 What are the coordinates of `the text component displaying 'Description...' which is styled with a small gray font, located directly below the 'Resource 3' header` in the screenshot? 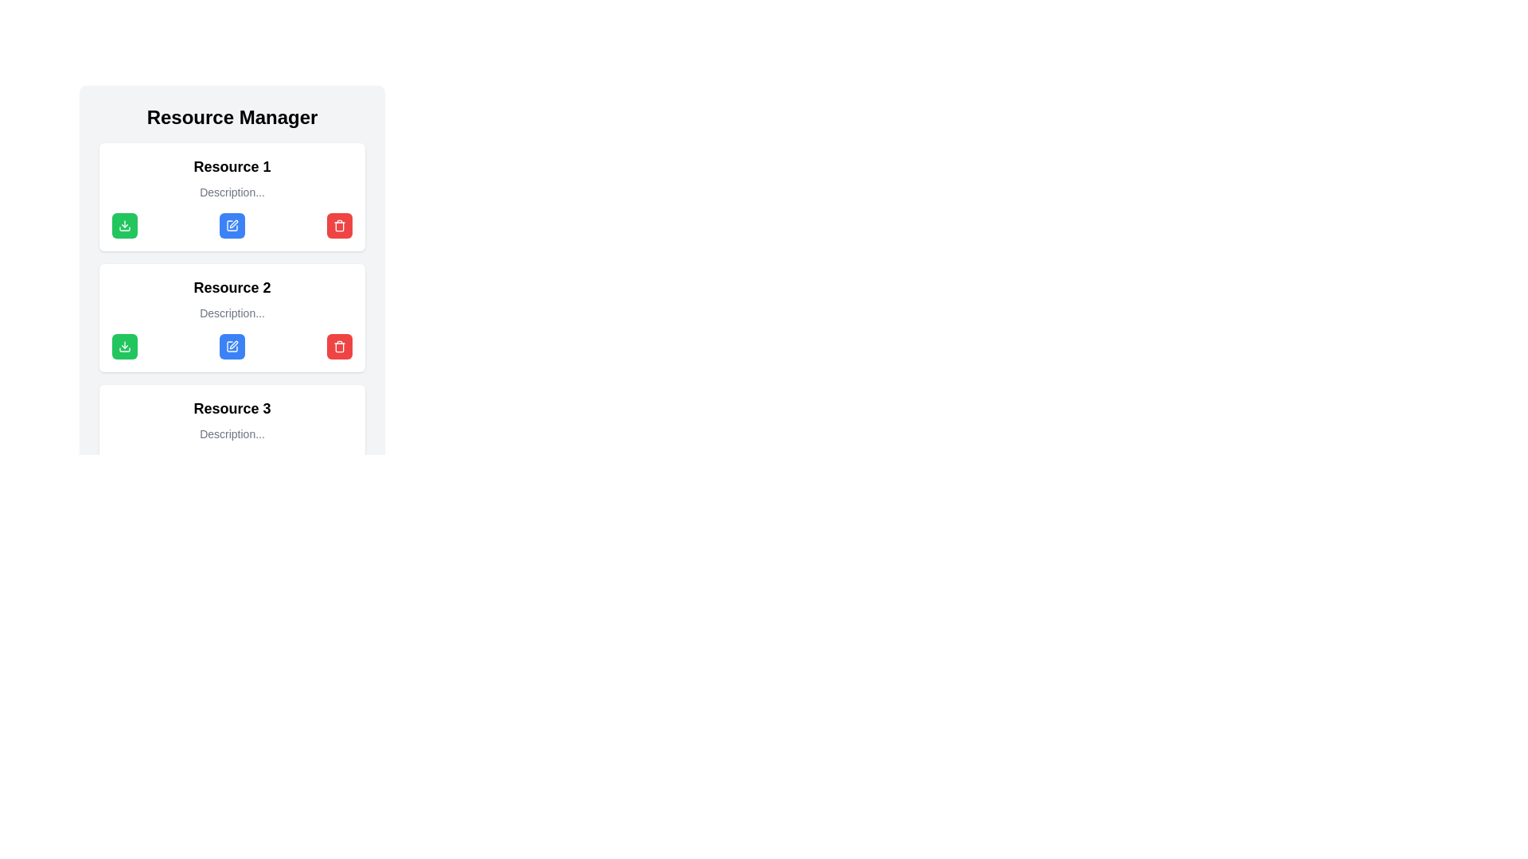 It's located at (232, 434).